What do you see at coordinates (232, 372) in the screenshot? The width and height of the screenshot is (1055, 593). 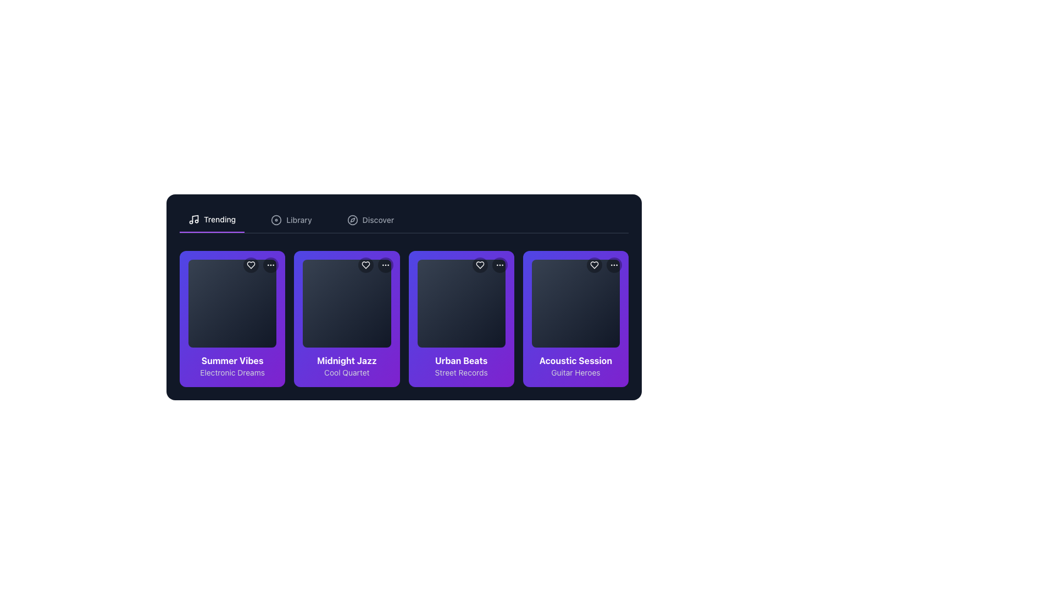 I see `text label displaying 'Electronic Dreams', which is a small, subdued gray subtitle located beneath 'Summer Vibes' in the first column of a horizontally scrolling grid` at bounding box center [232, 372].